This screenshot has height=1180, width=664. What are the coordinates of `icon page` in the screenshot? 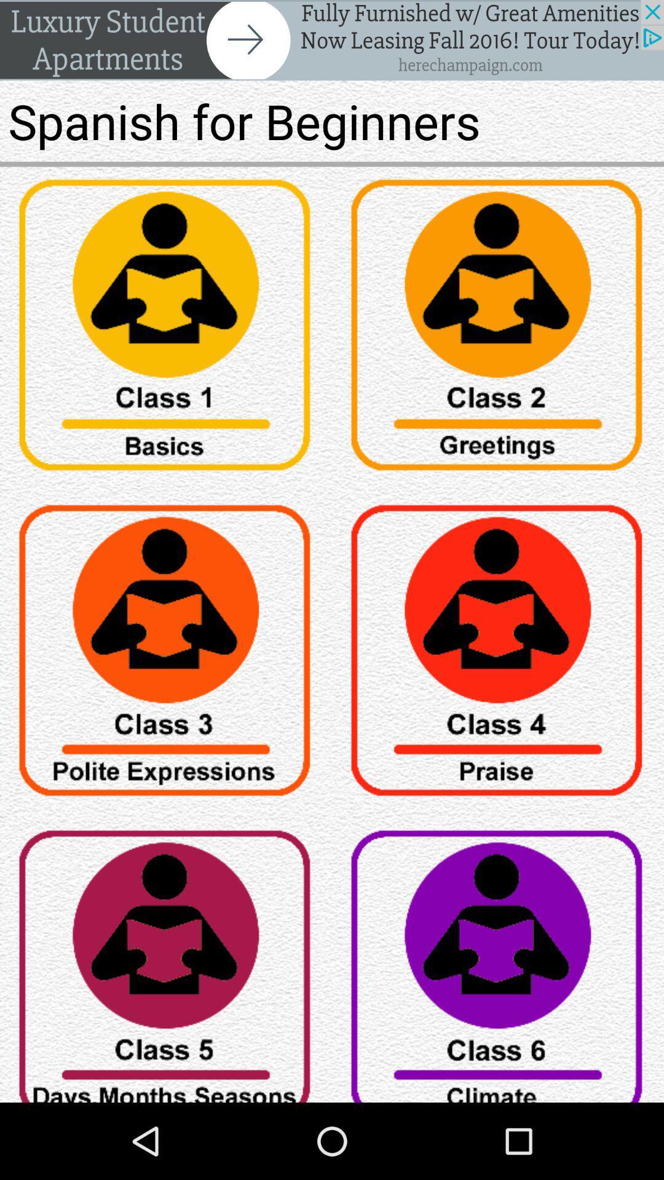 It's located at (498, 654).